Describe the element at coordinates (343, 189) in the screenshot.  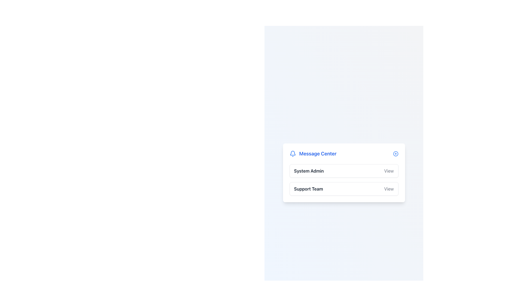
I see `the 'View' link on the 'Support Team' card, which is the second card in the Message Center` at that location.